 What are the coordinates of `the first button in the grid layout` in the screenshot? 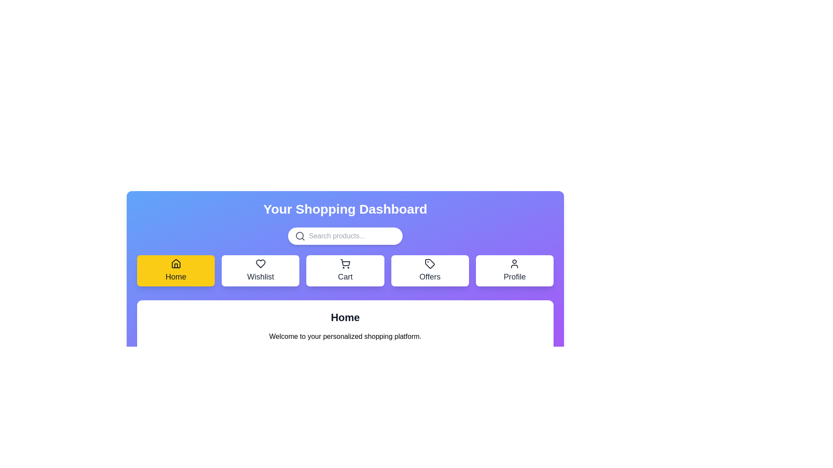 It's located at (175, 270).